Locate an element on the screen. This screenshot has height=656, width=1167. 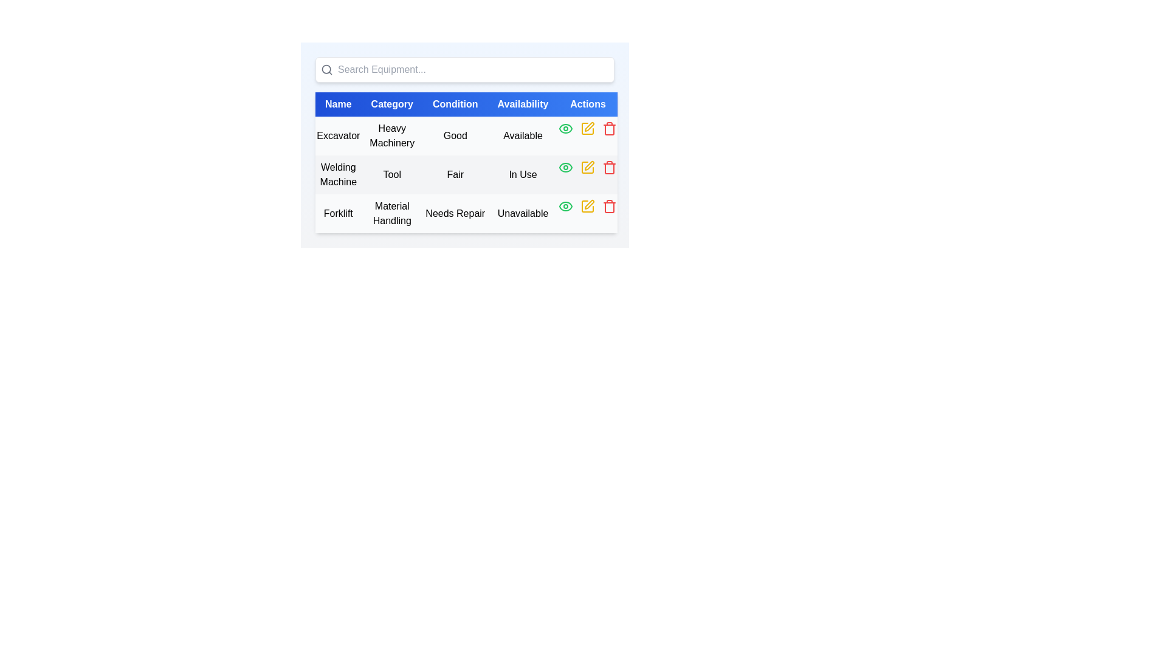
the trash icon representing the delete action for the 'Forklift' entry in the table, located in the last column of the third row is located at coordinates (610, 207).